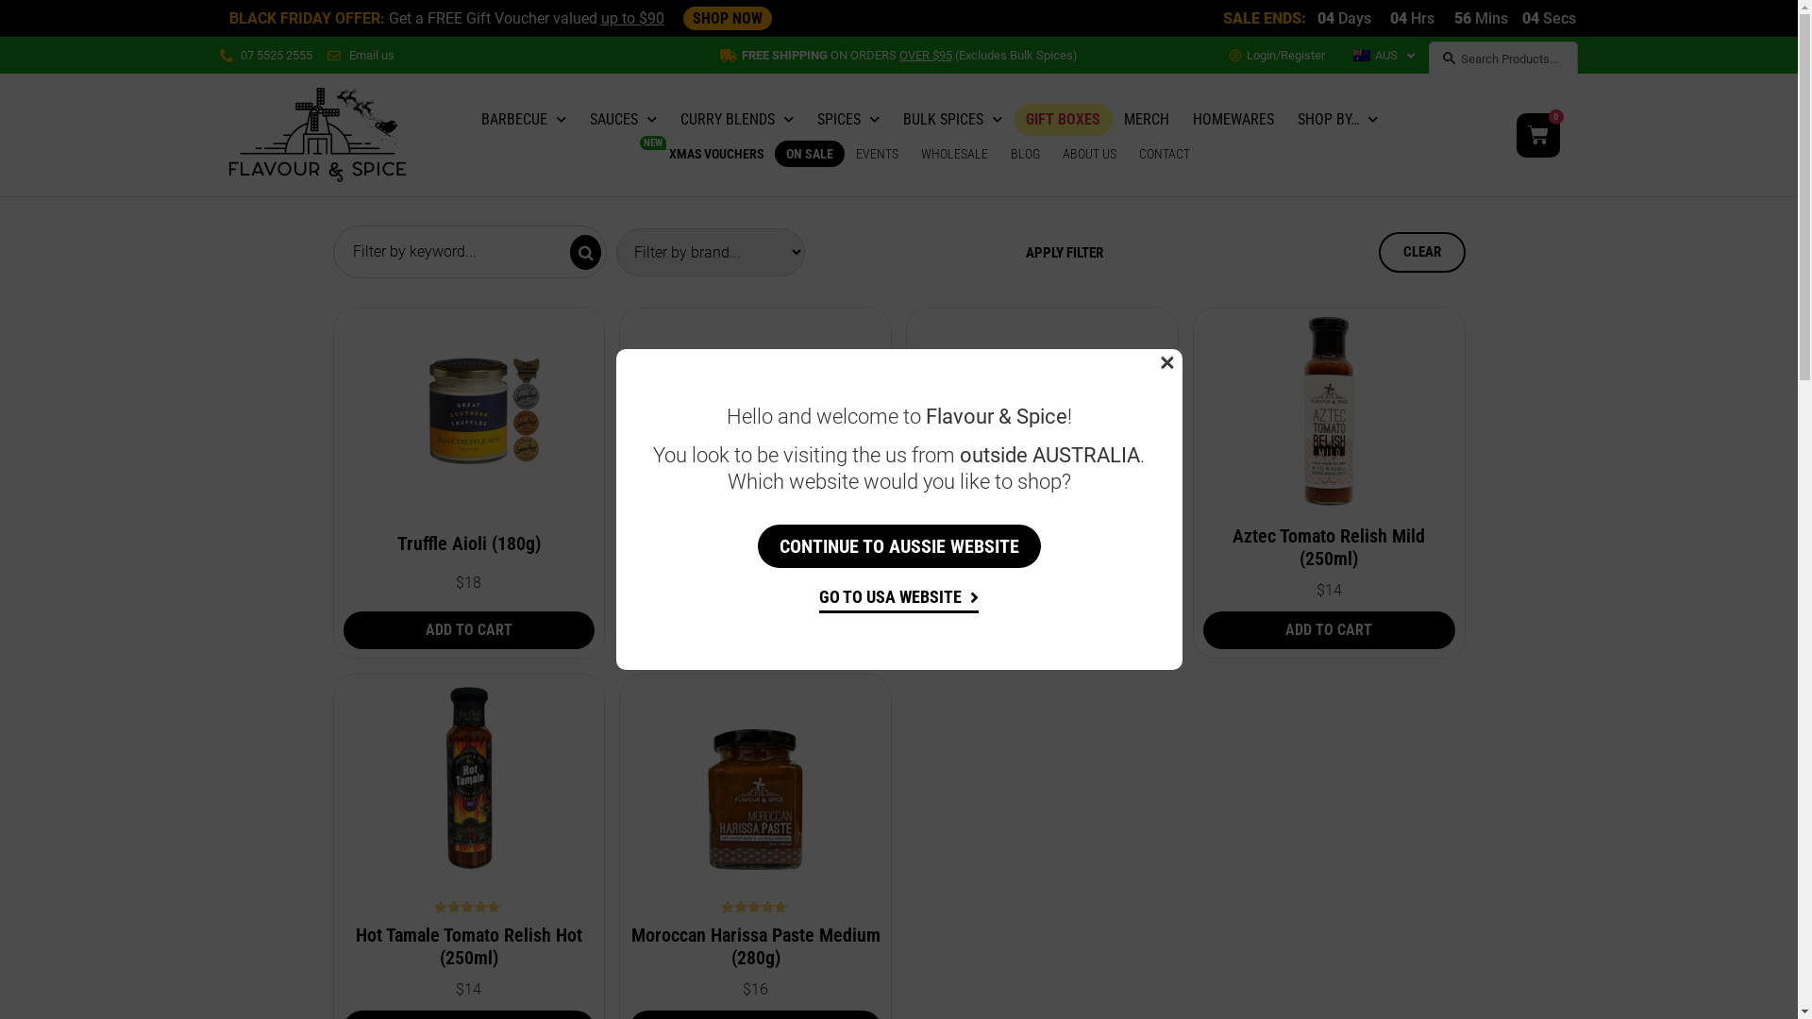  Describe the element at coordinates (1421, 251) in the screenshot. I see `'CLEAR'` at that location.